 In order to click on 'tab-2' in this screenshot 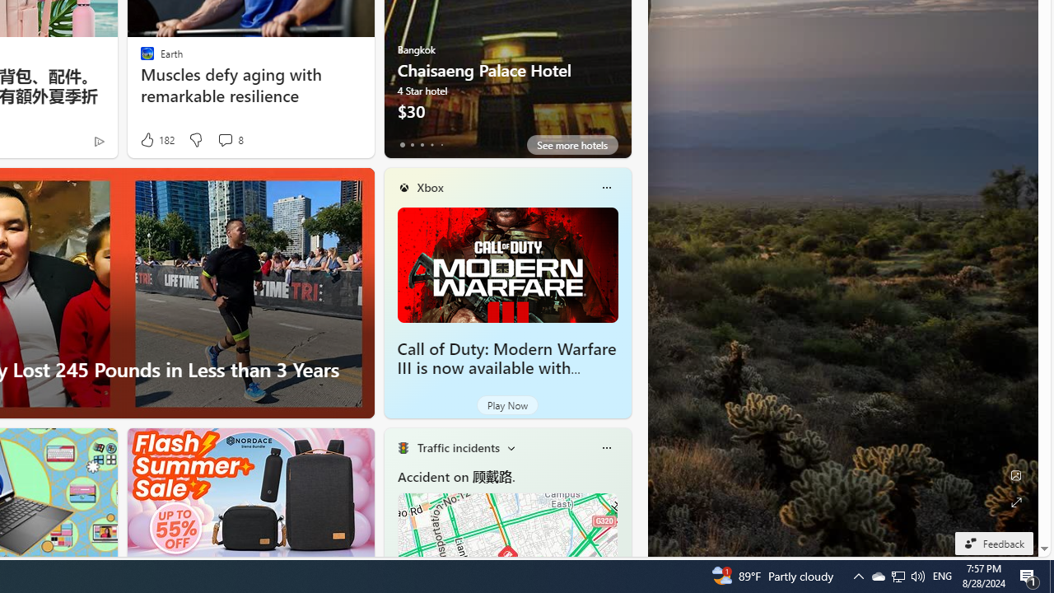, I will do `click(422, 144)`.